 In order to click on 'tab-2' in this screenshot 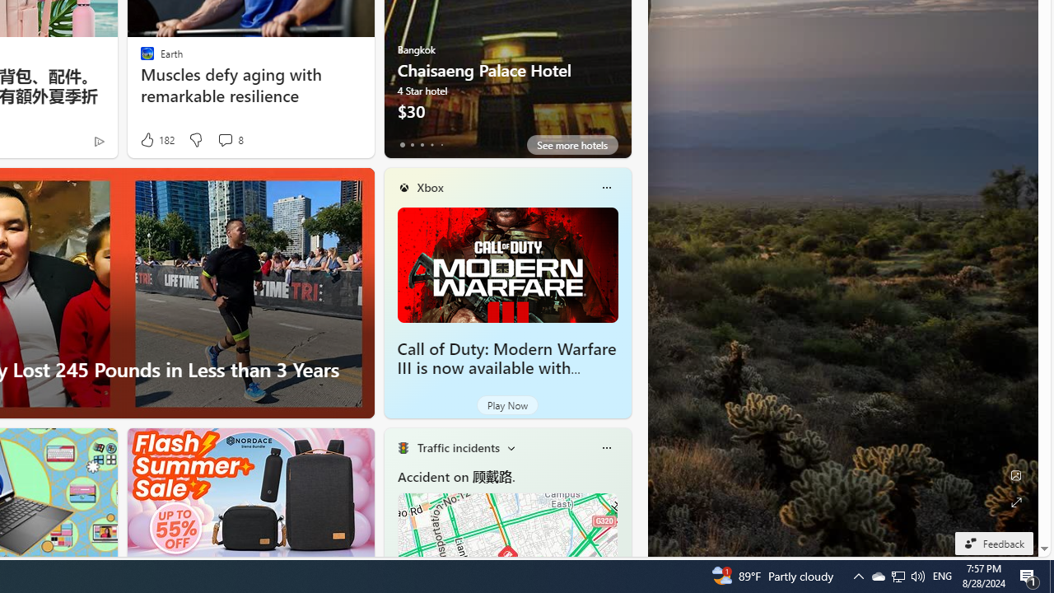, I will do `click(422, 144)`.